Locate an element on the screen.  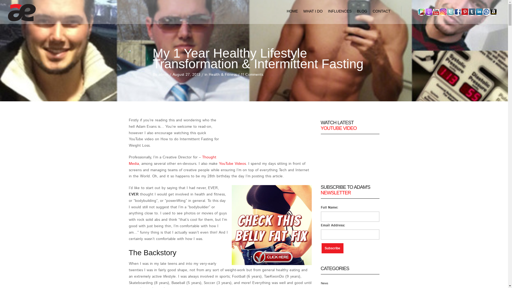
'facebook' is located at coordinates (457, 12).